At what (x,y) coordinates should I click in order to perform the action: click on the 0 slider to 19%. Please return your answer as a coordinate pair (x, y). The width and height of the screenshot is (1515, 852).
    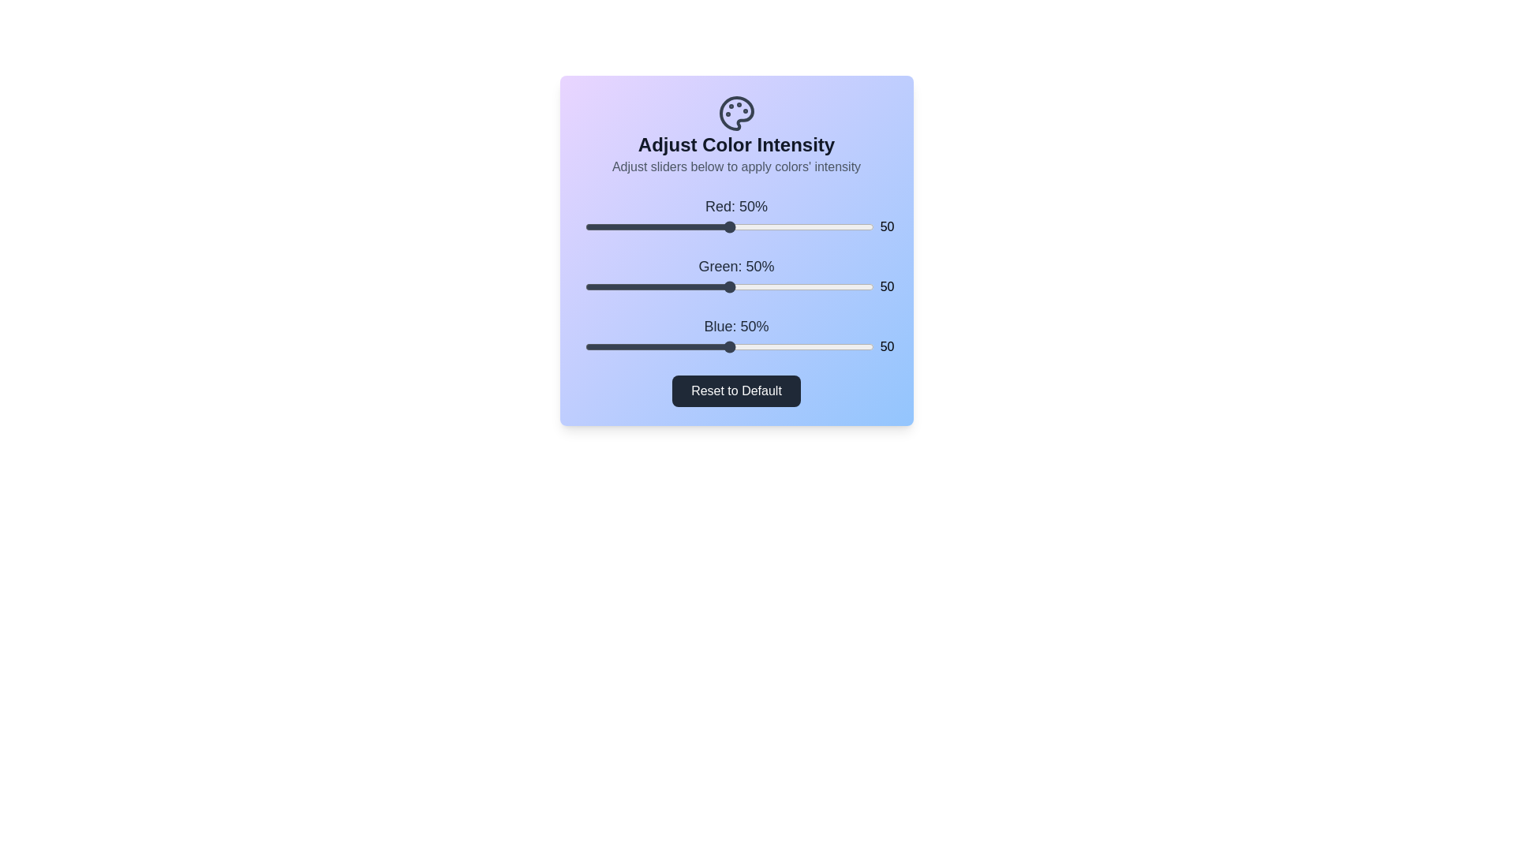
    Looking at the image, I should click on (640, 227).